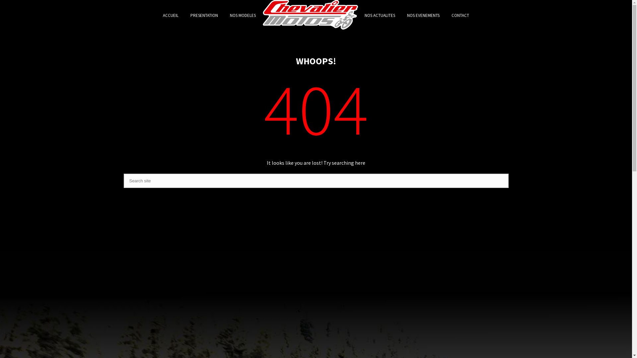  What do you see at coordinates (460, 15) in the screenshot?
I see `'CONTACT'` at bounding box center [460, 15].